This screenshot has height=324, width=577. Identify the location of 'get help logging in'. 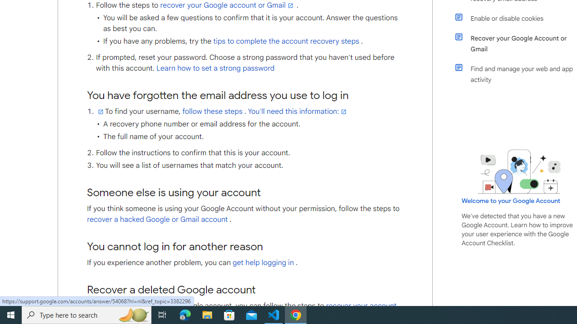
(262, 262).